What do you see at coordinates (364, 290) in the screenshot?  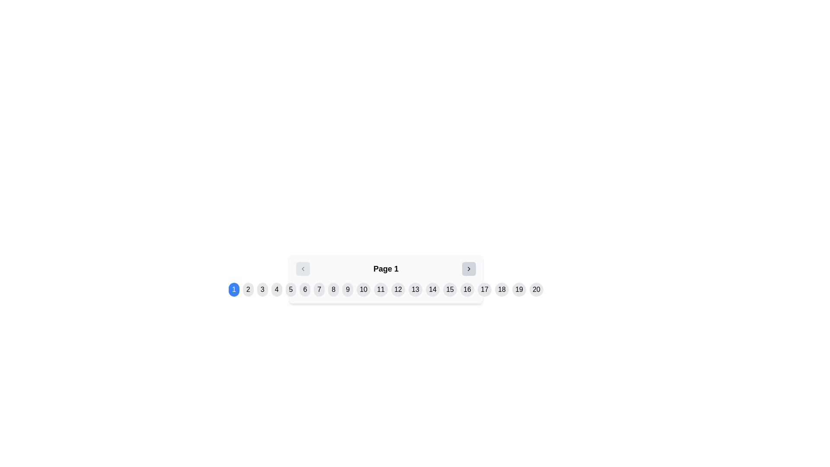 I see `the 10th button in the pagination system` at bounding box center [364, 290].